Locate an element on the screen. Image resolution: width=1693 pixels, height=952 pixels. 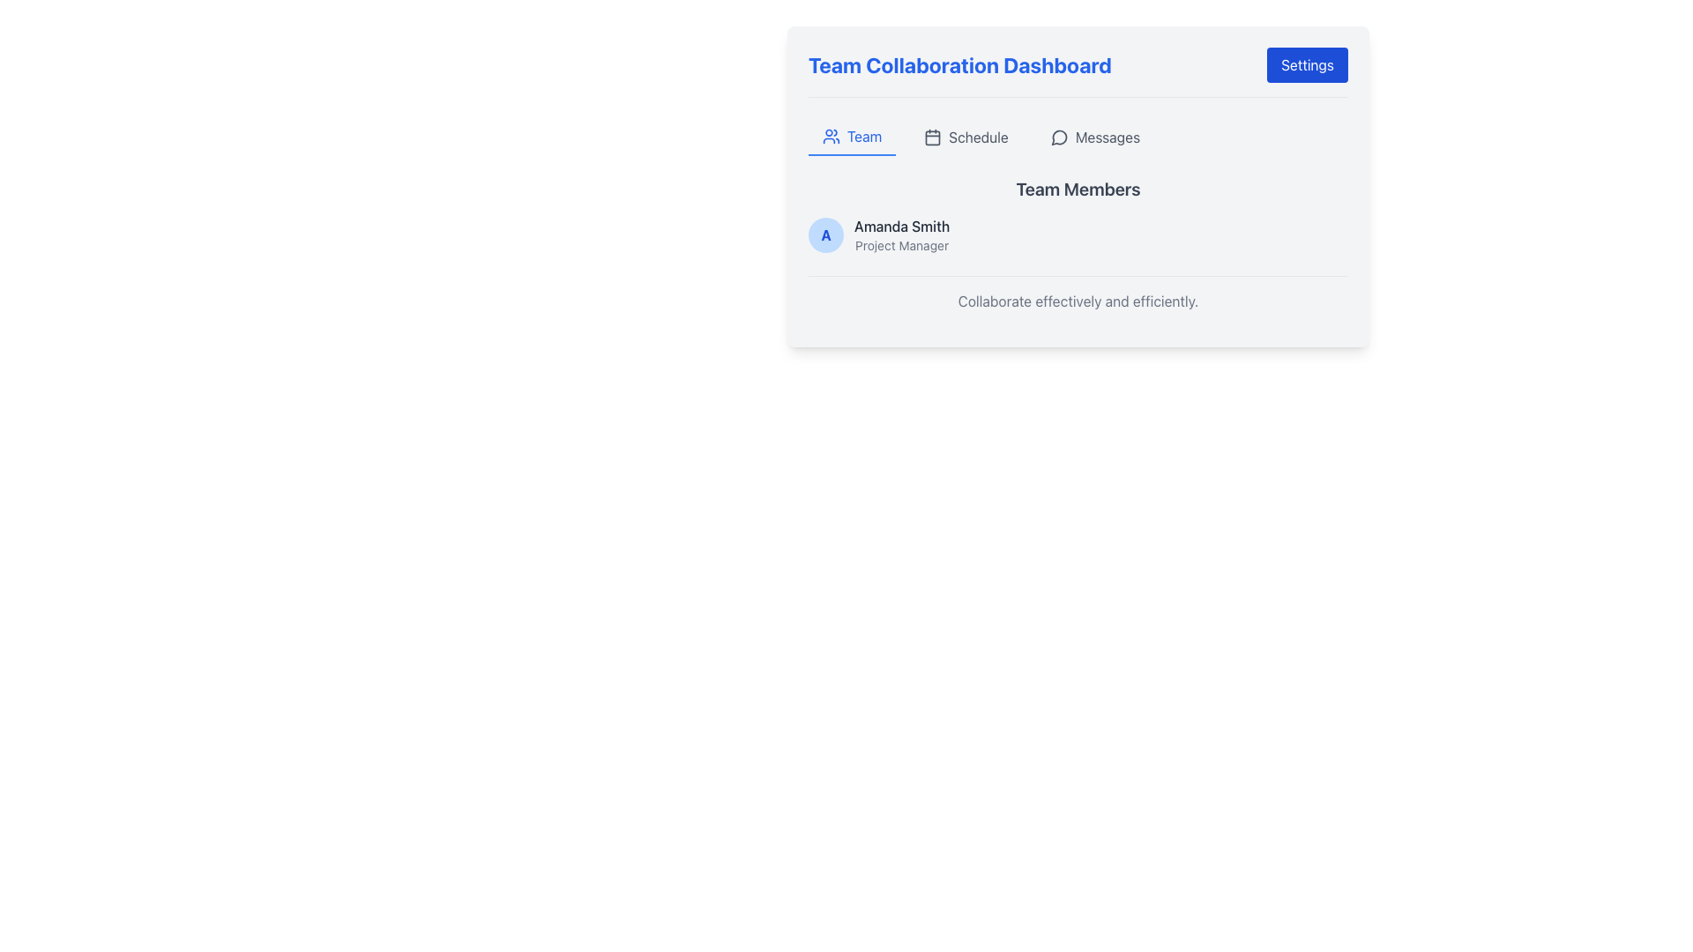
text displayed in the 'Team Members' label, which is prominently styled in a large, bold, dark gray font and located at the top of the team members section is located at coordinates (1078, 190).